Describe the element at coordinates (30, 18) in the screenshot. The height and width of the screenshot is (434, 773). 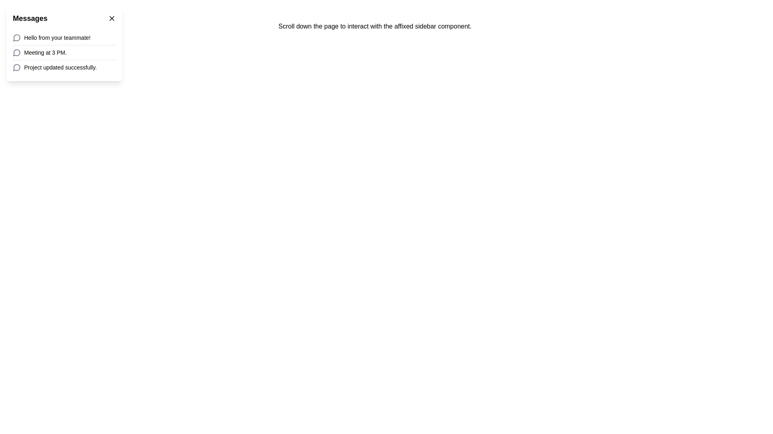
I see `the bold, large-sized 'Messages' text label, which serves as a headline within the top-left part of the dialog box` at that location.